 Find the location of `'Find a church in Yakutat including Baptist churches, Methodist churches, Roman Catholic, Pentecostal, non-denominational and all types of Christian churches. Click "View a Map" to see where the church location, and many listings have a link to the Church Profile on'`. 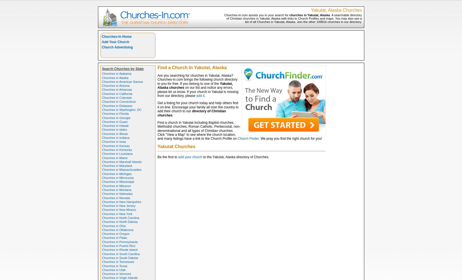

'Find a church in Yakutat including Baptist churches, Methodist churches, Roman Catholic, Pentecostal, non-denominational and all types of Christian churches. Click "View a Map" to see where the church location, and many listings have a link to the Church Profile on' is located at coordinates (198, 130).